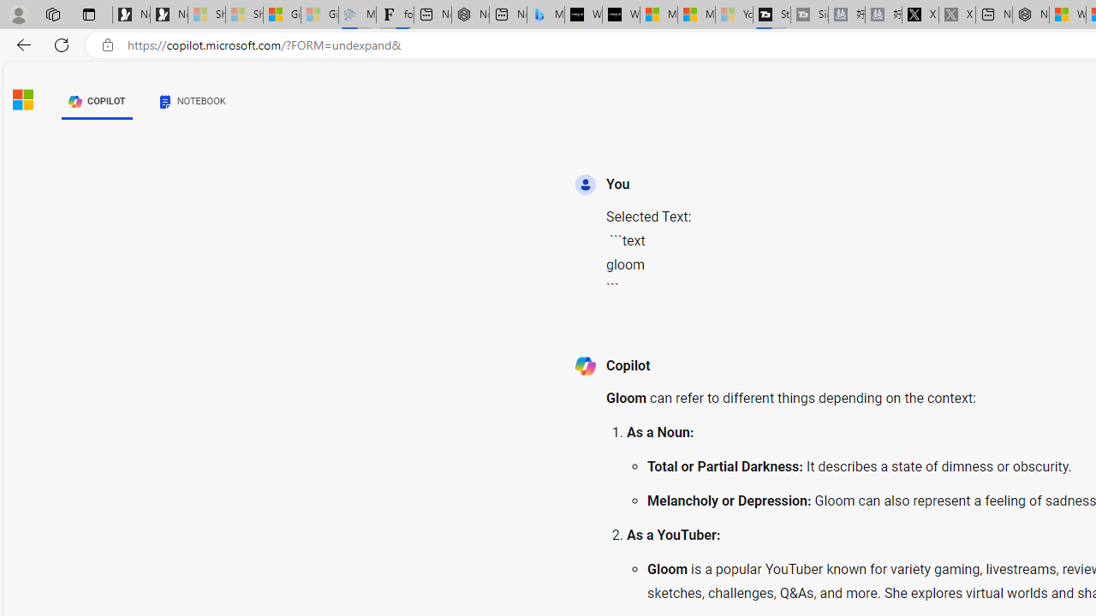  Describe the element at coordinates (771, 15) in the screenshot. I see `'Streaming Coverage | T3'` at that location.